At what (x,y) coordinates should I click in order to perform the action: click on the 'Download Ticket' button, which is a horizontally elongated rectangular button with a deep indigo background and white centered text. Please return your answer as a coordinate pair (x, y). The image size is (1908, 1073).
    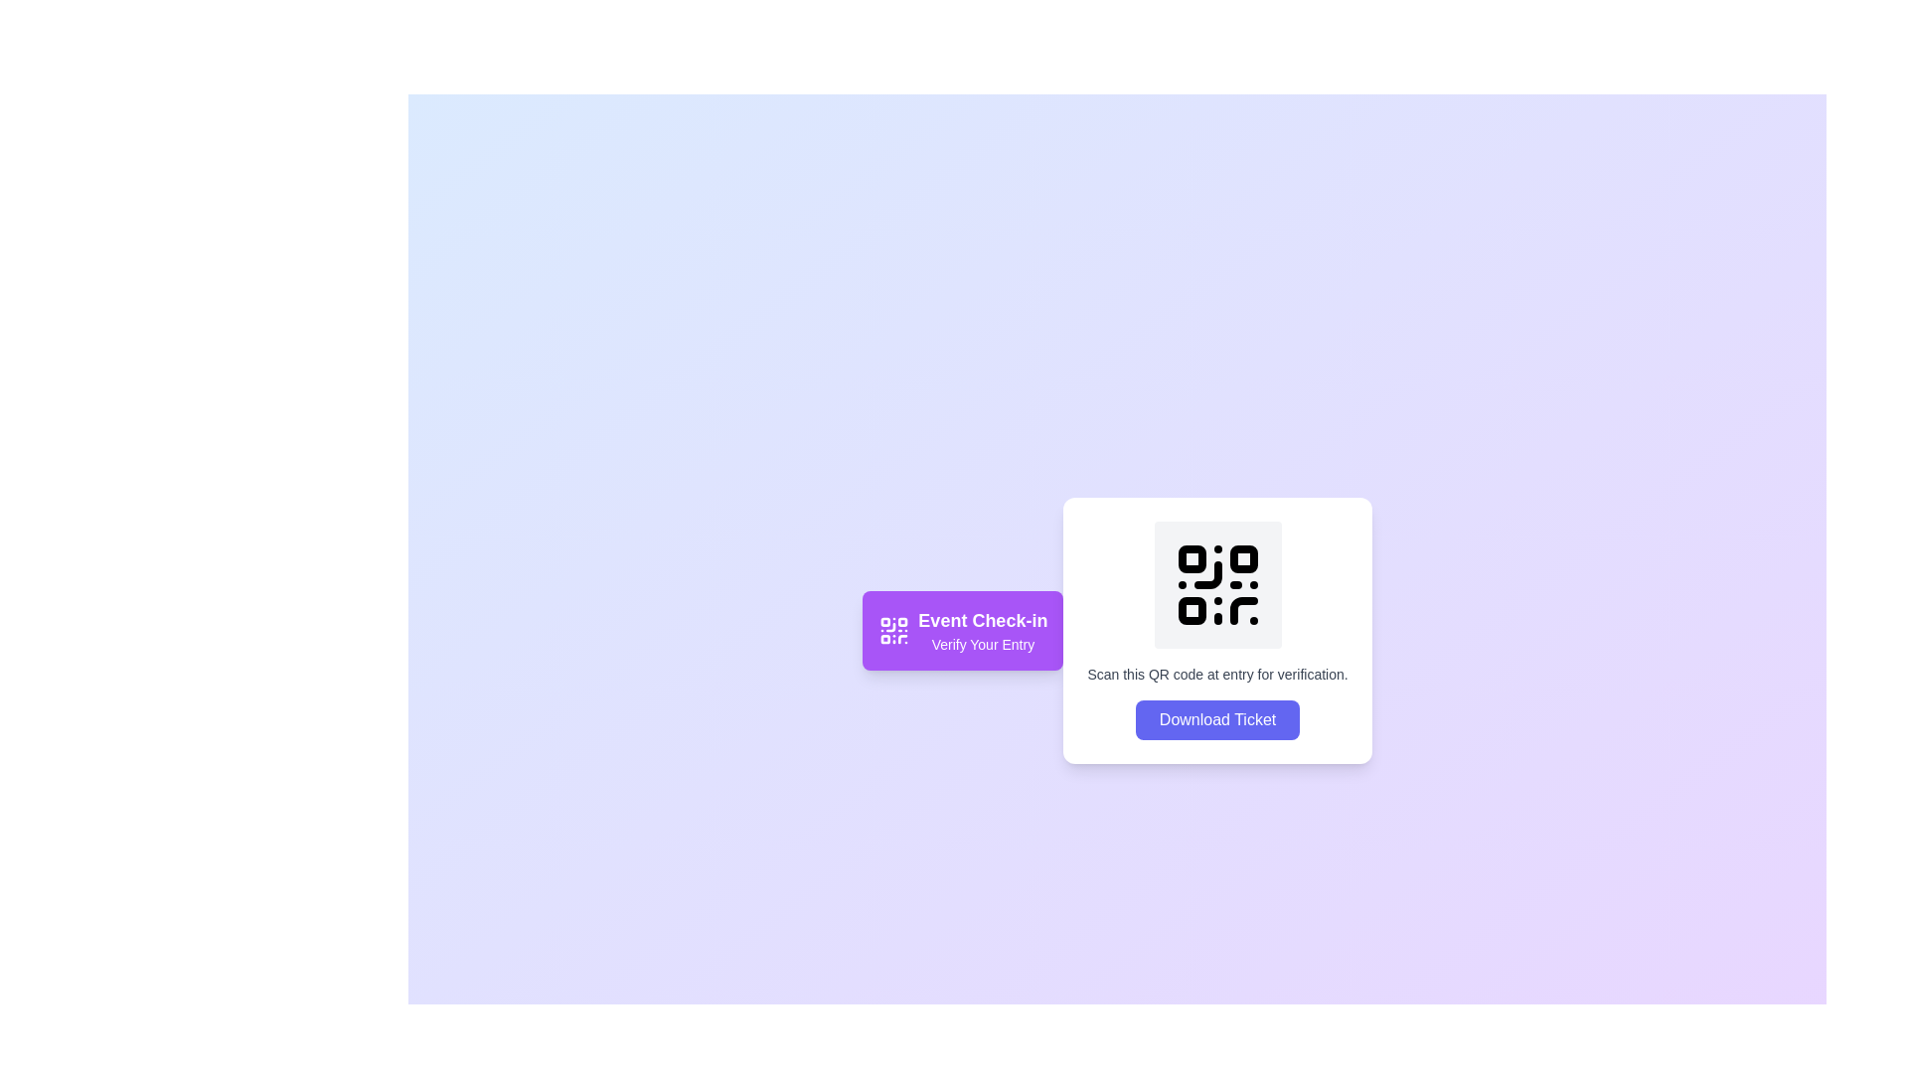
    Looking at the image, I should click on (1216, 720).